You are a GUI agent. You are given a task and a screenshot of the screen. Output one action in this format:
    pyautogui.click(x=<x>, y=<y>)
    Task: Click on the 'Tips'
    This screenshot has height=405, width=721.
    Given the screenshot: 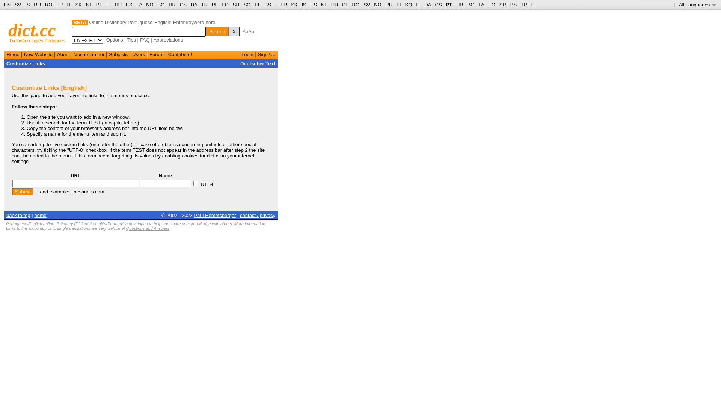 What is the action you would take?
    pyautogui.click(x=131, y=40)
    